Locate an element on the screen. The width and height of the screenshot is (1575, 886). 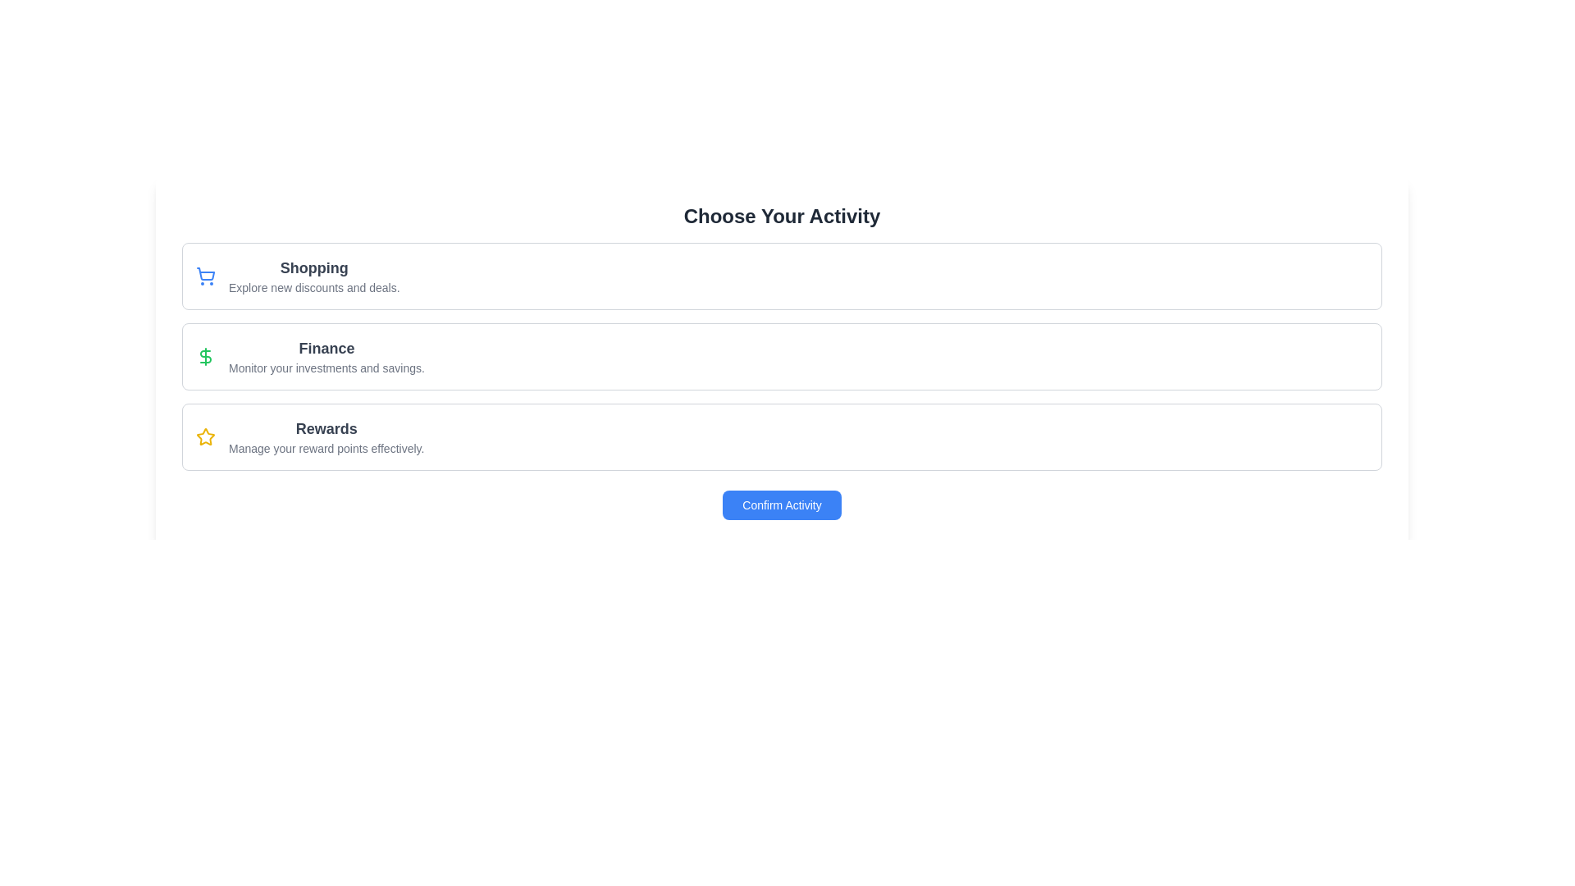
the confirmation button located at the bottom of the options list to confirm the selected activity is located at coordinates (781, 505).